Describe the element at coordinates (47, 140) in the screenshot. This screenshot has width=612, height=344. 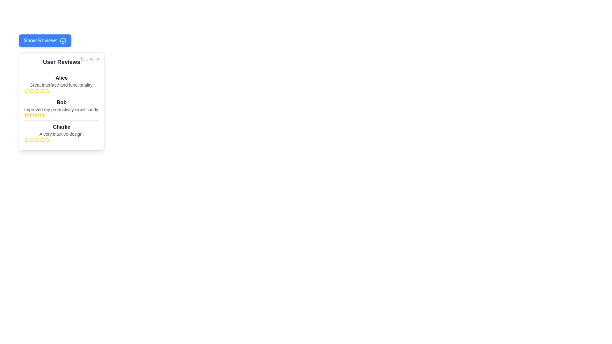
I see `the fifth star rating icon in the rating system under the review section labeled 'Charlie'` at that location.